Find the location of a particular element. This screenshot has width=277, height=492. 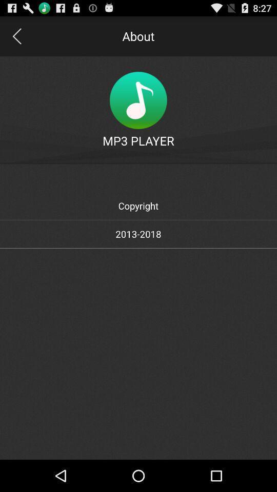

app next to about item is located at coordinates (16, 36).